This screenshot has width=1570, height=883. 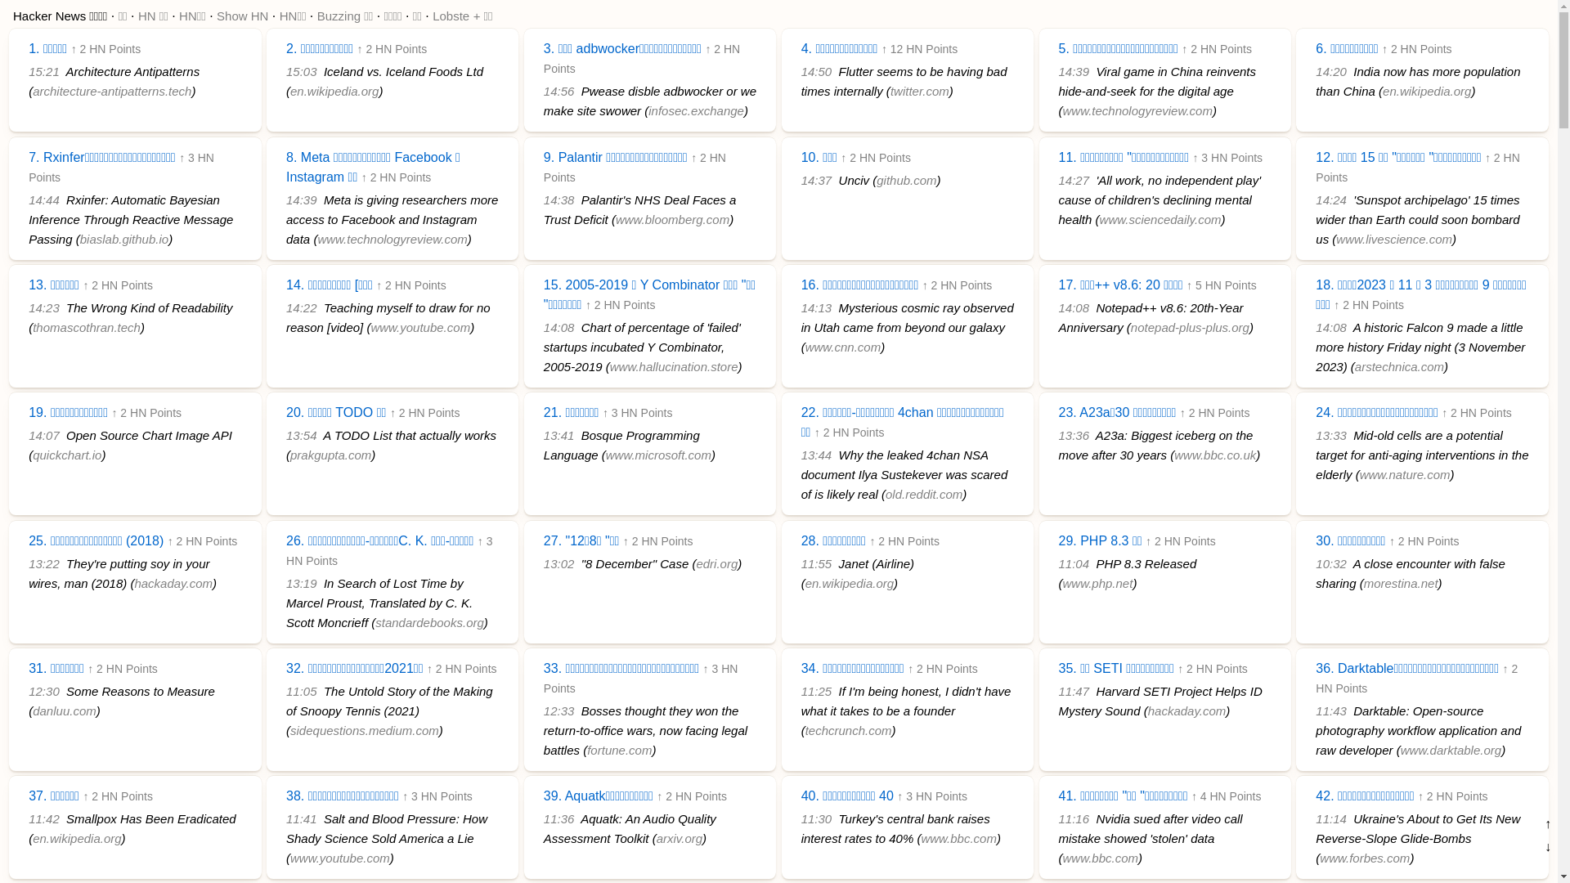 What do you see at coordinates (1074, 434) in the screenshot?
I see `'13:36'` at bounding box center [1074, 434].